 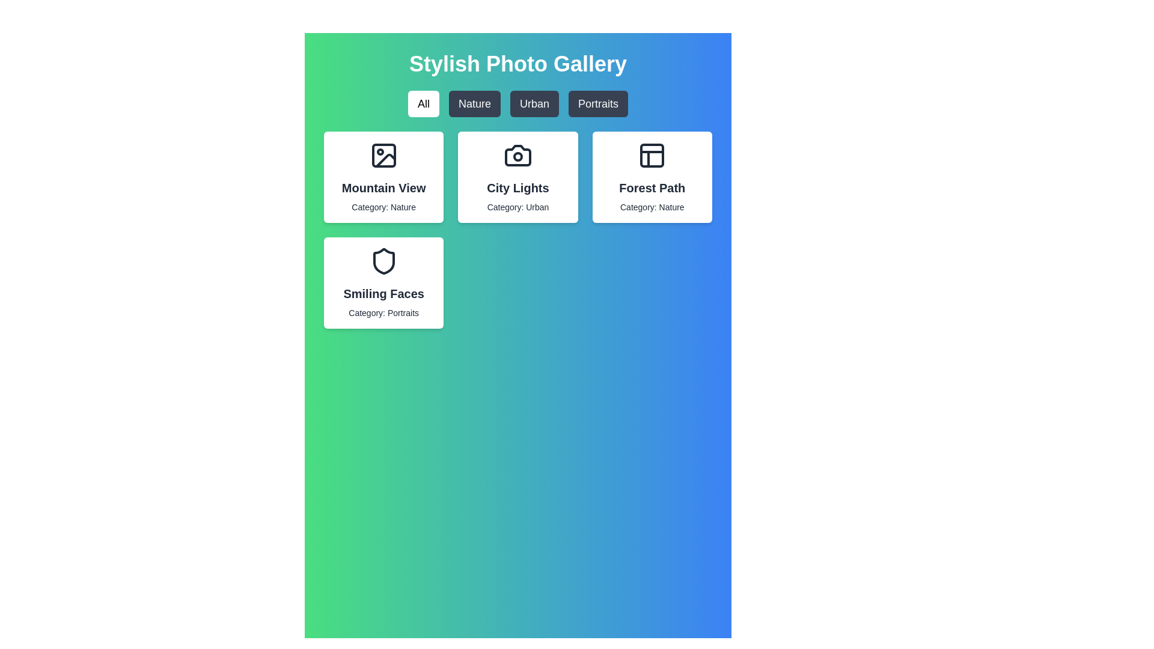 I want to click on the filter toggle button for 'Nature' in the Stylish Photo Gallery, so click(x=474, y=103).